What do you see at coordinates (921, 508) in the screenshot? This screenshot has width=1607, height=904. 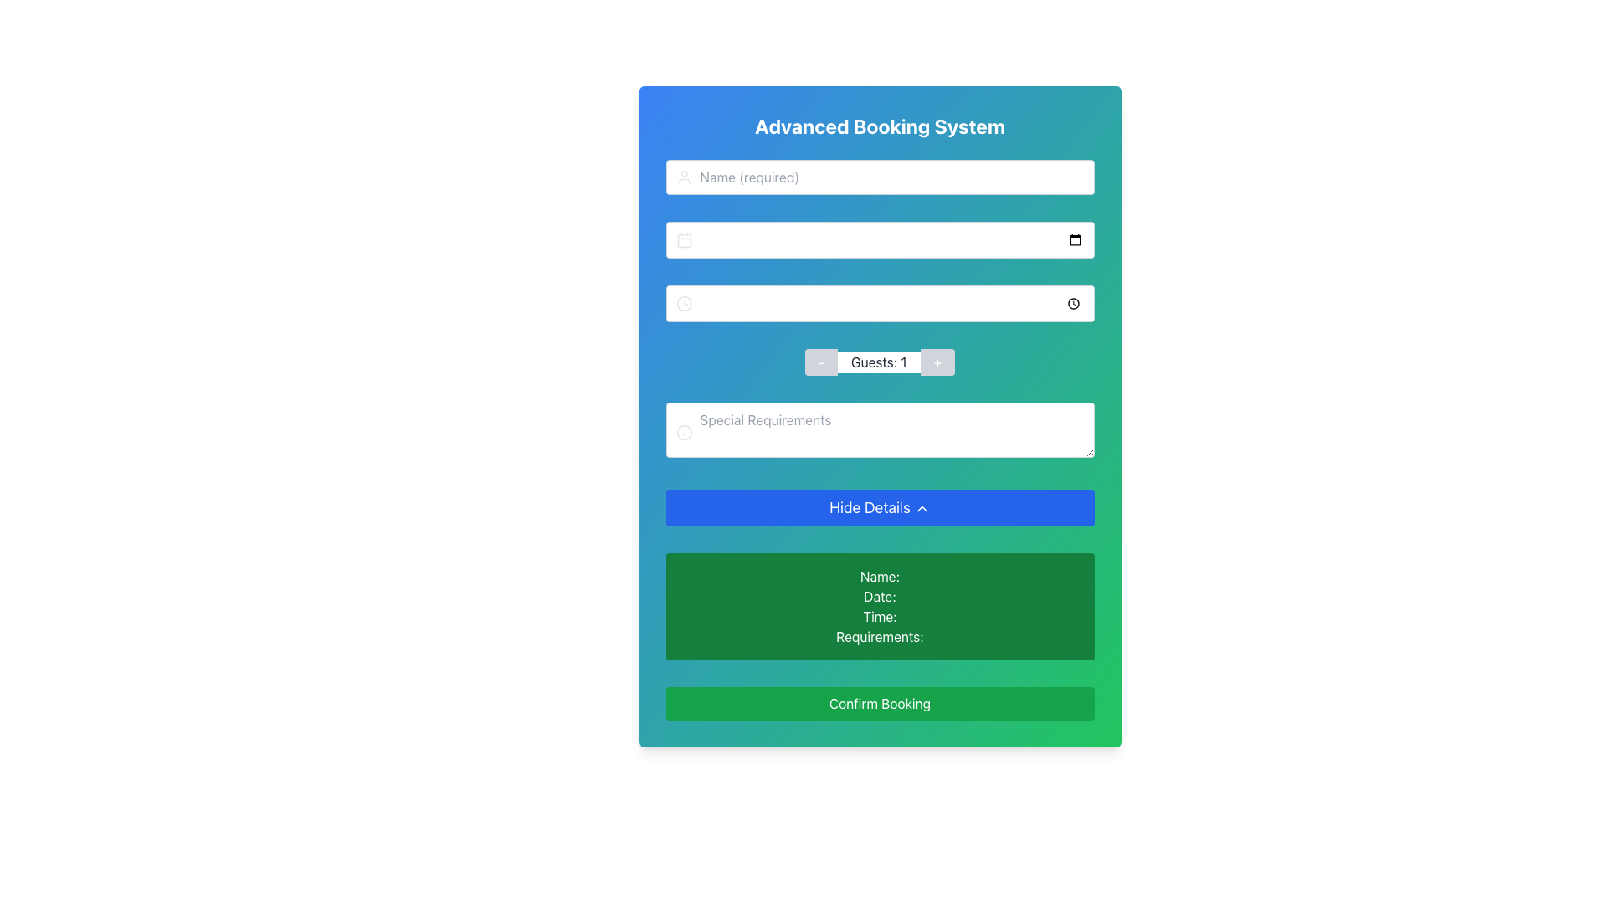 I see `the collapse icon located on the right section of the 'Hide Details' button` at bounding box center [921, 508].